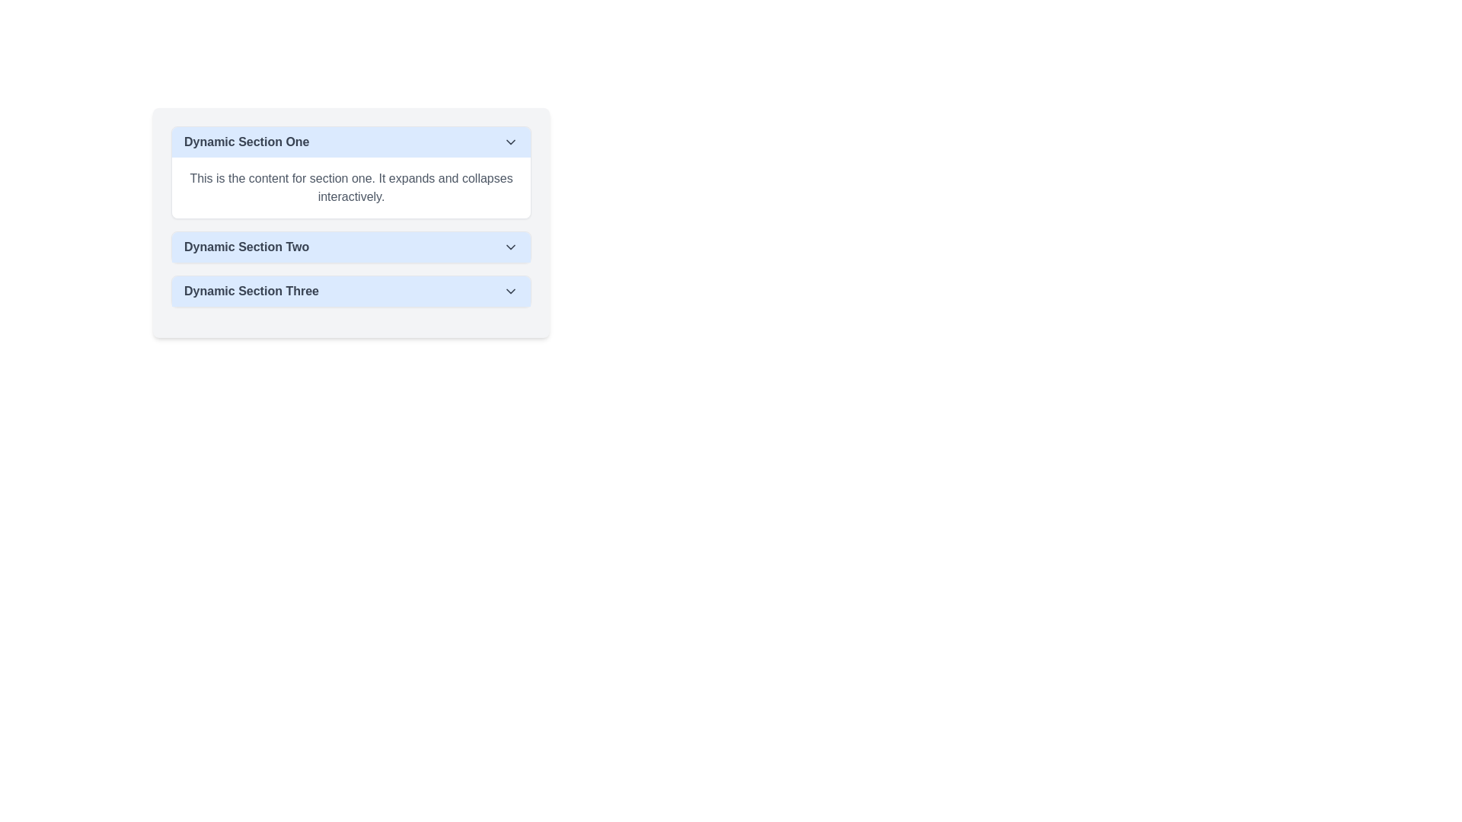 This screenshot has width=1462, height=822. Describe the element at coordinates (511, 246) in the screenshot. I see `the downward-pointing chevron icon located to the right of the text 'Dynamic Section Two' in the collapsible section header` at that location.